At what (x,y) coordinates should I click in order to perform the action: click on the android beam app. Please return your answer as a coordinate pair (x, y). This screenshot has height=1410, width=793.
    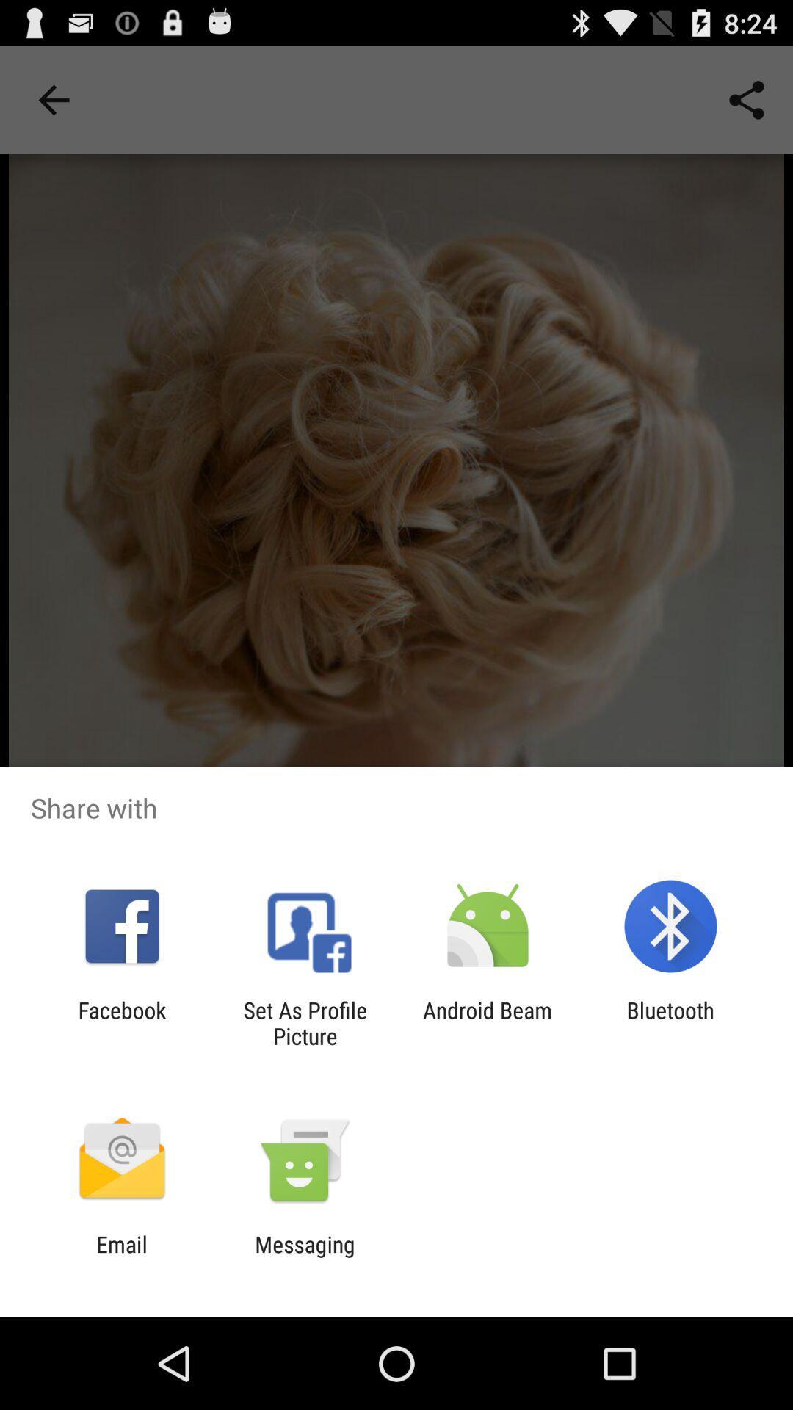
    Looking at the image, I should click on (488, 1022).